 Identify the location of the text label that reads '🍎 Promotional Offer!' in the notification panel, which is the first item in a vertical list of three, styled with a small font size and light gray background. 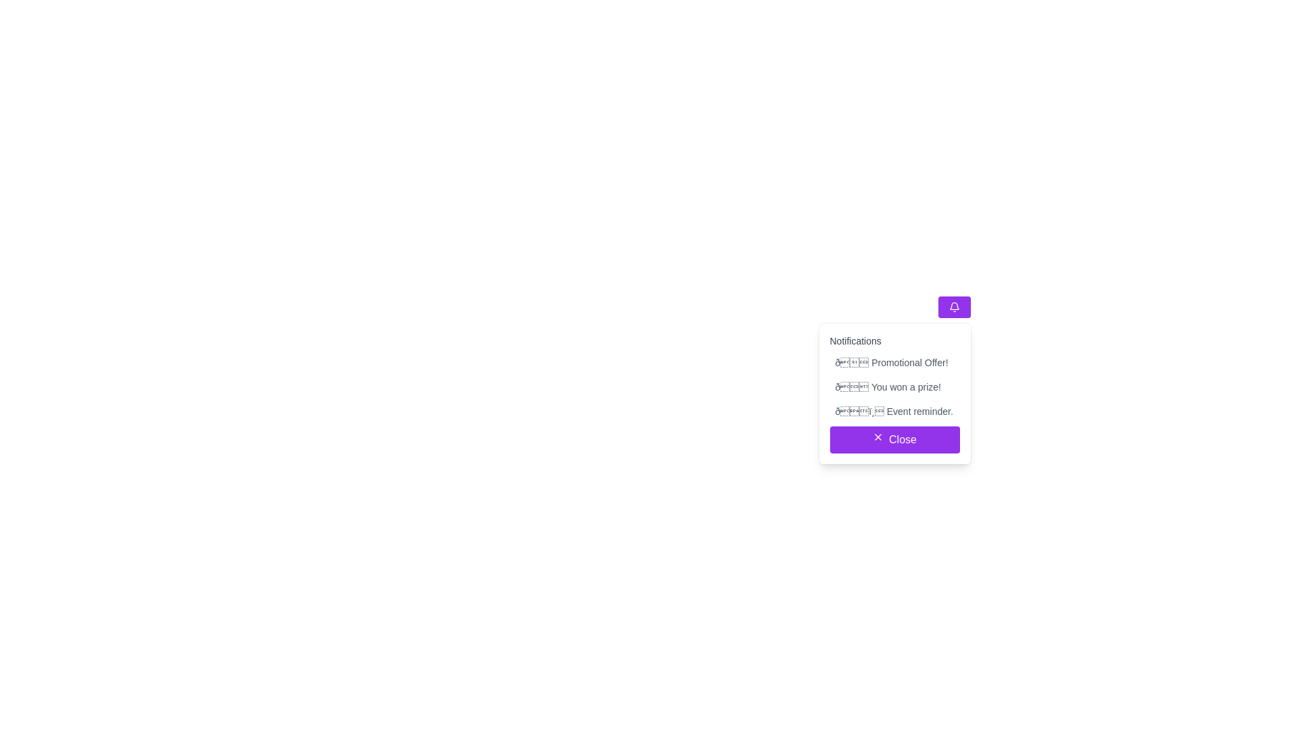
(894, 362).